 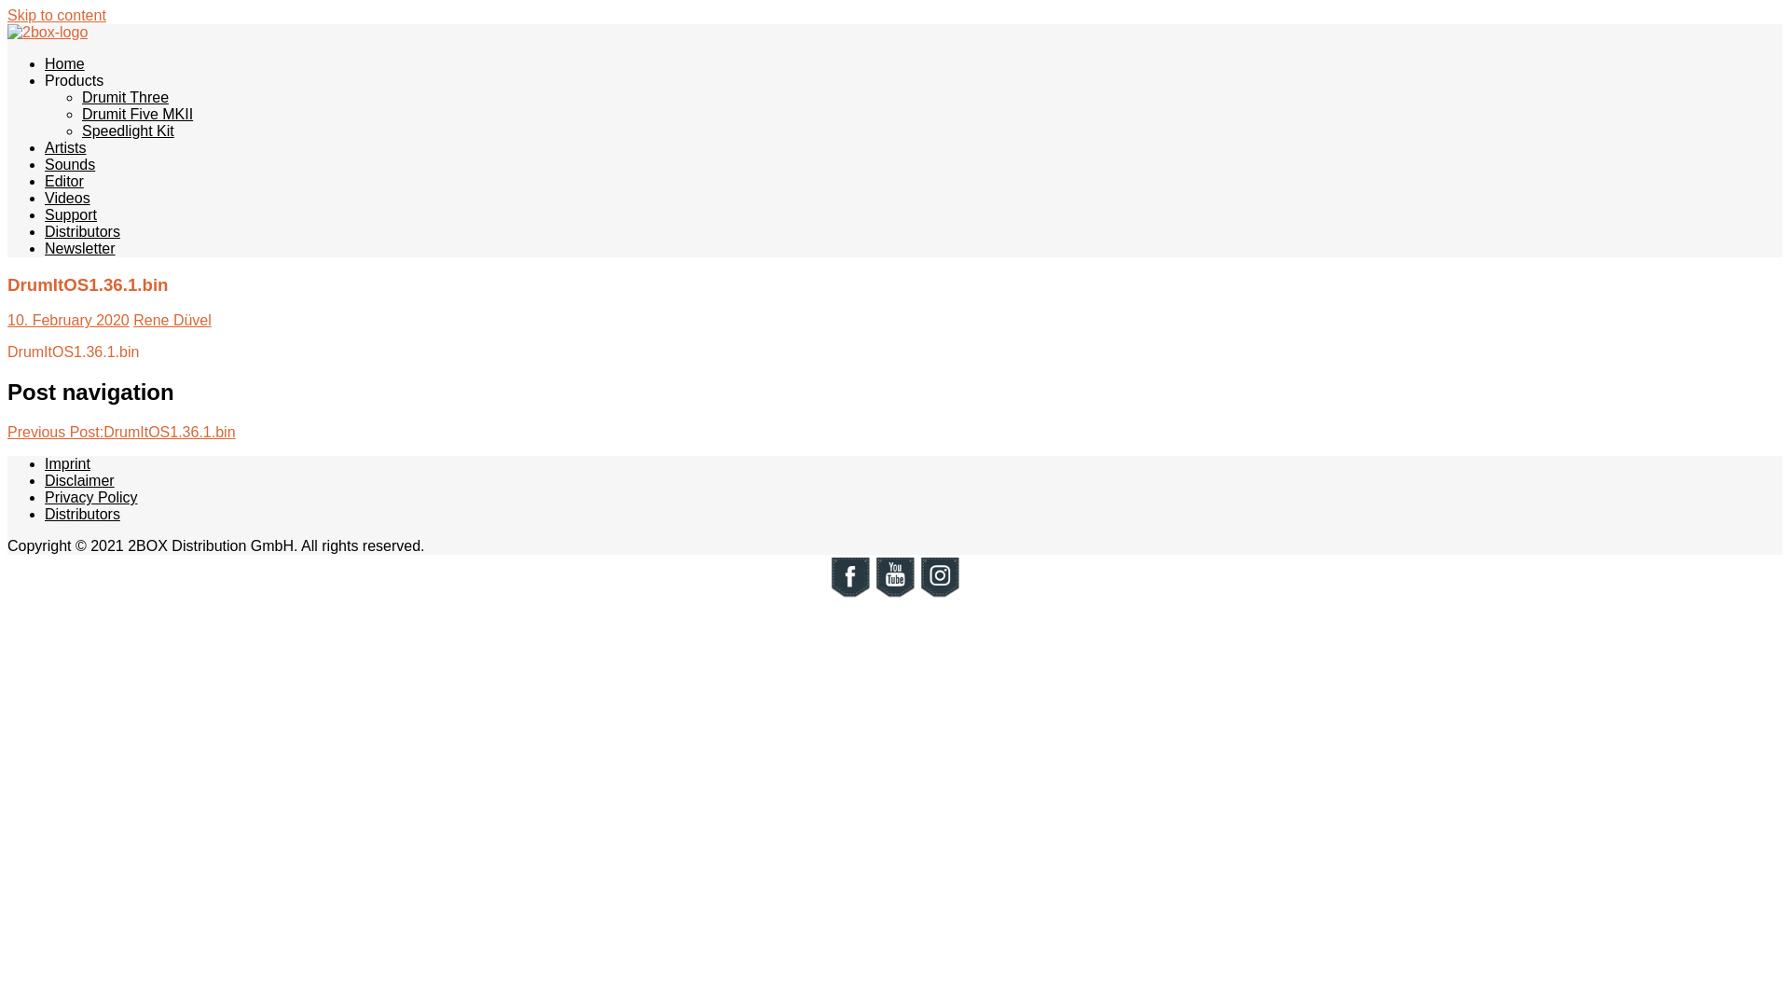 I want to click on 'Distributors', so click(x=81, y=230).